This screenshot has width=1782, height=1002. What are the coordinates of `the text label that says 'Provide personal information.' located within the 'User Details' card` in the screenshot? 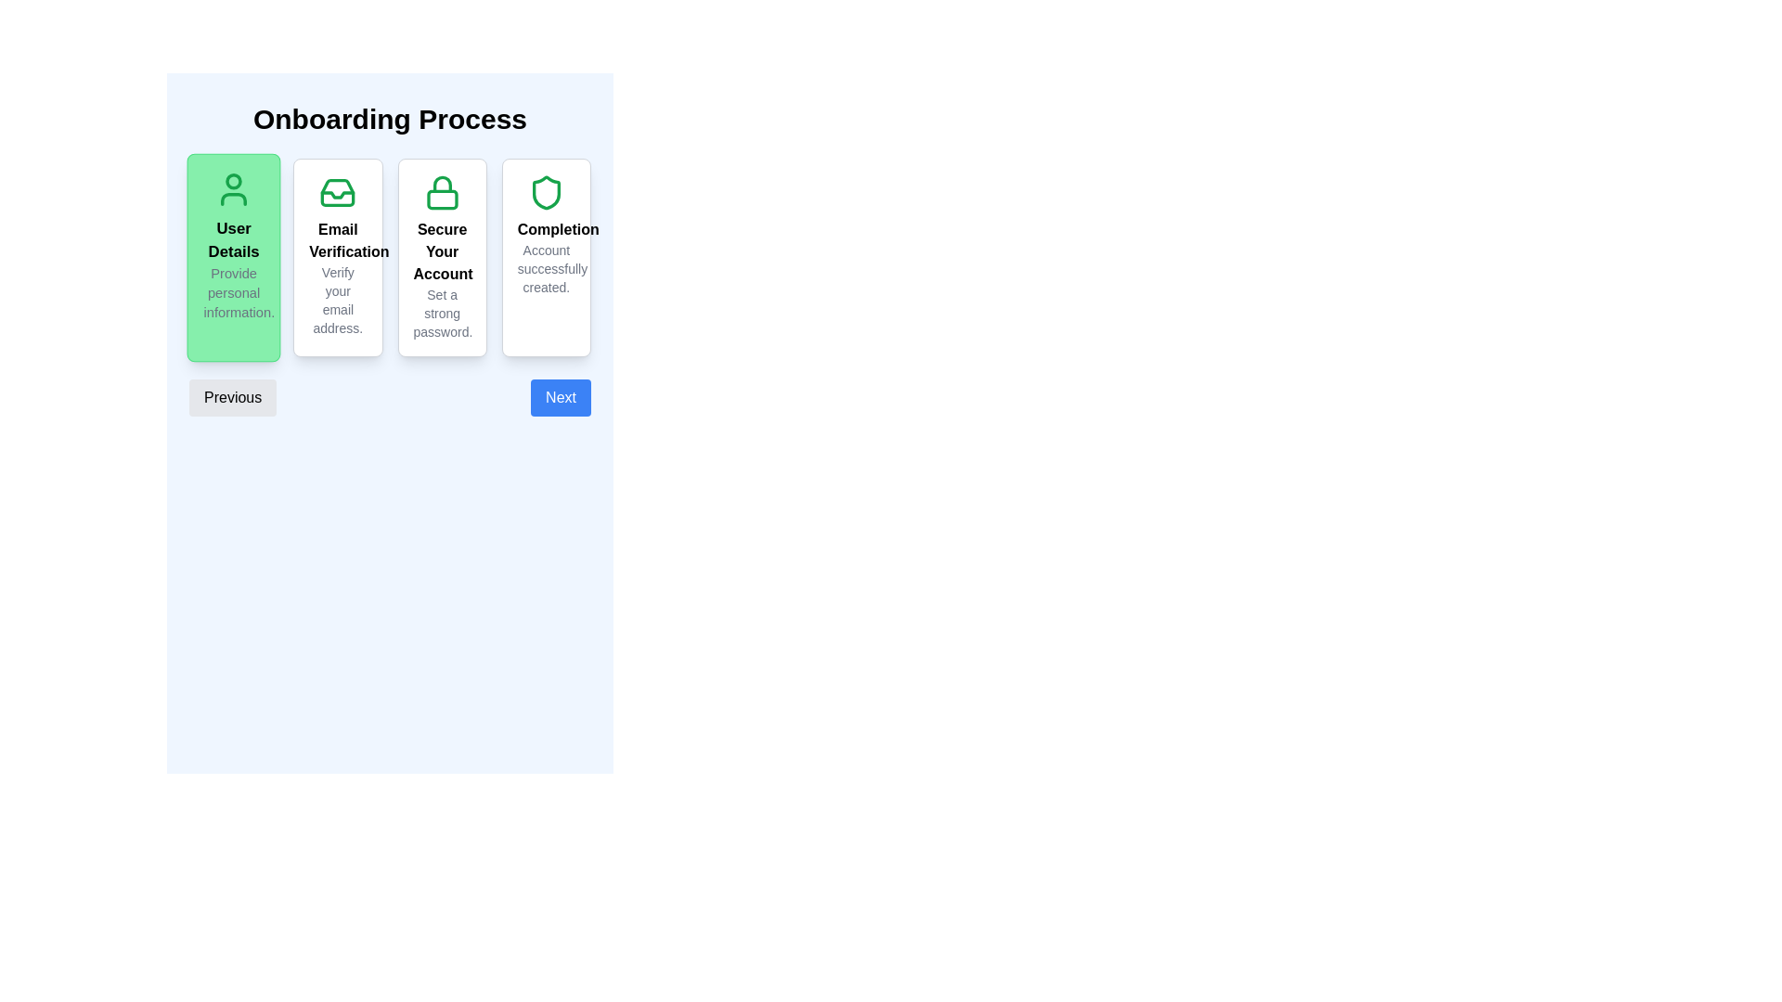 It's located at (233, 292).